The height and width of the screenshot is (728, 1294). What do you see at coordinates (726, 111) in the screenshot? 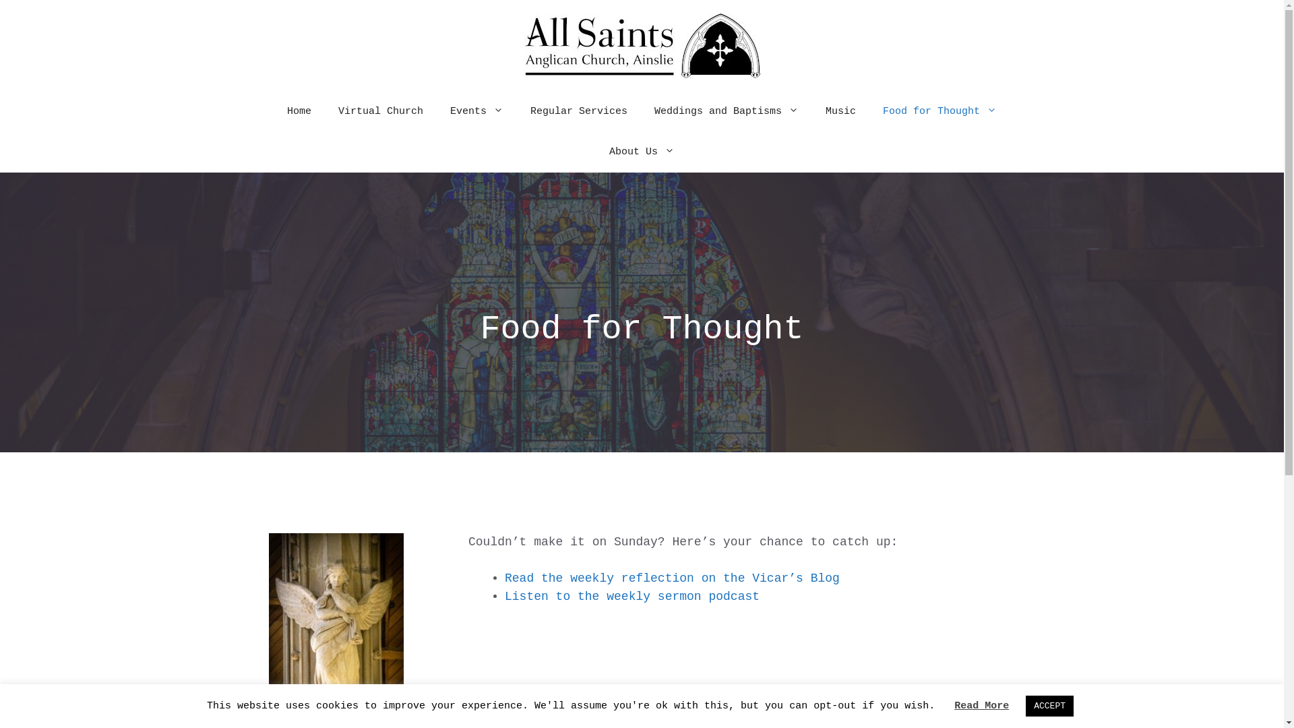
I see `'Weddings and Baptisms'` at bounding box center [726, 111].